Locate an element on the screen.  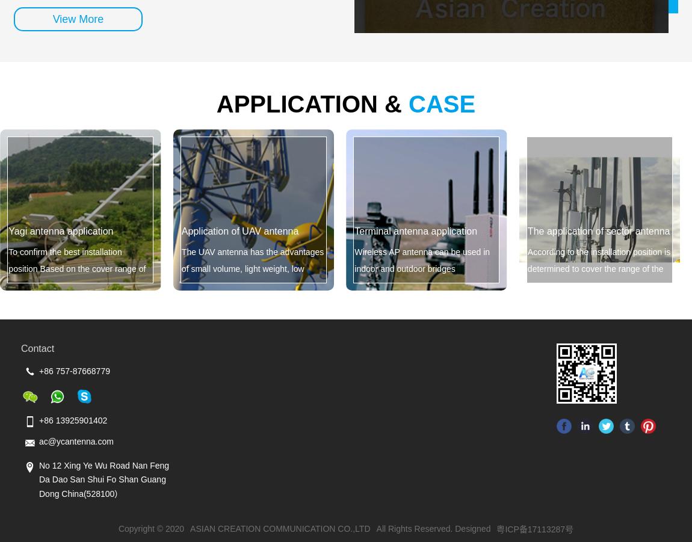
'CASE' is located at coordinates (441, 103).